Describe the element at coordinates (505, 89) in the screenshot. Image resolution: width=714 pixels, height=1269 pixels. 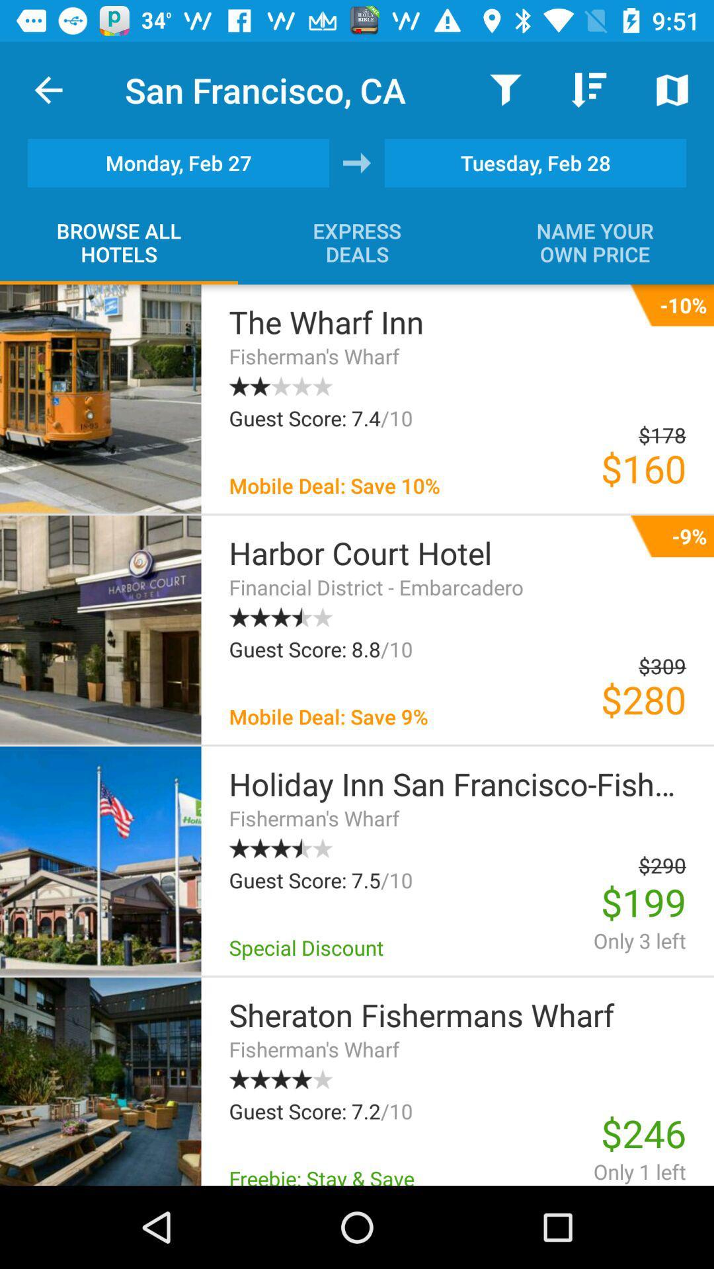
I see `the icon to the right of the san francisco, ca` at that location.